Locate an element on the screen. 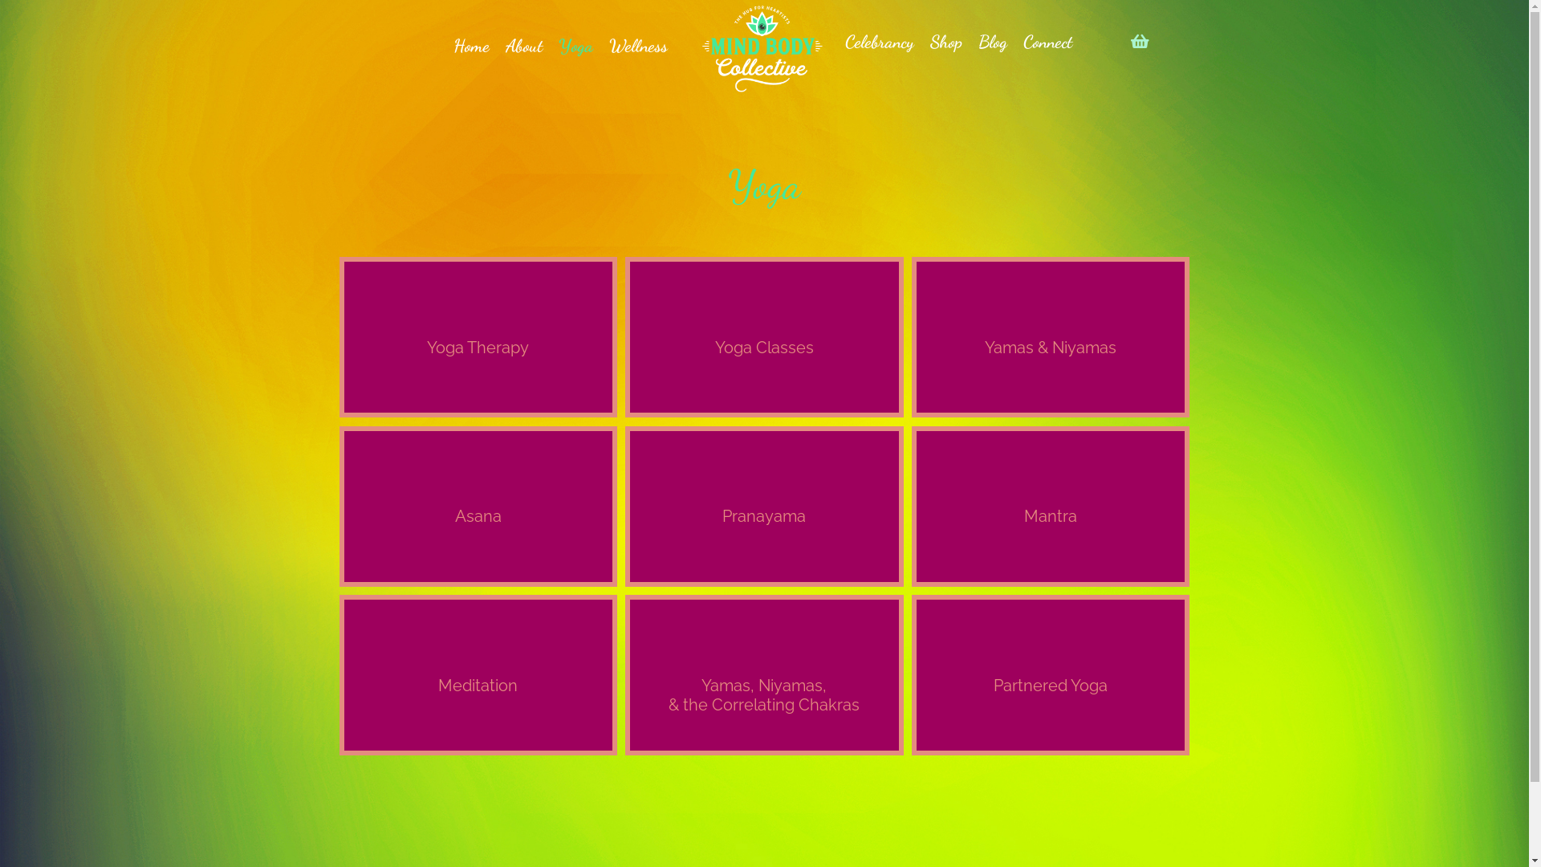  'Shop' is located at coordinates (946, 42).